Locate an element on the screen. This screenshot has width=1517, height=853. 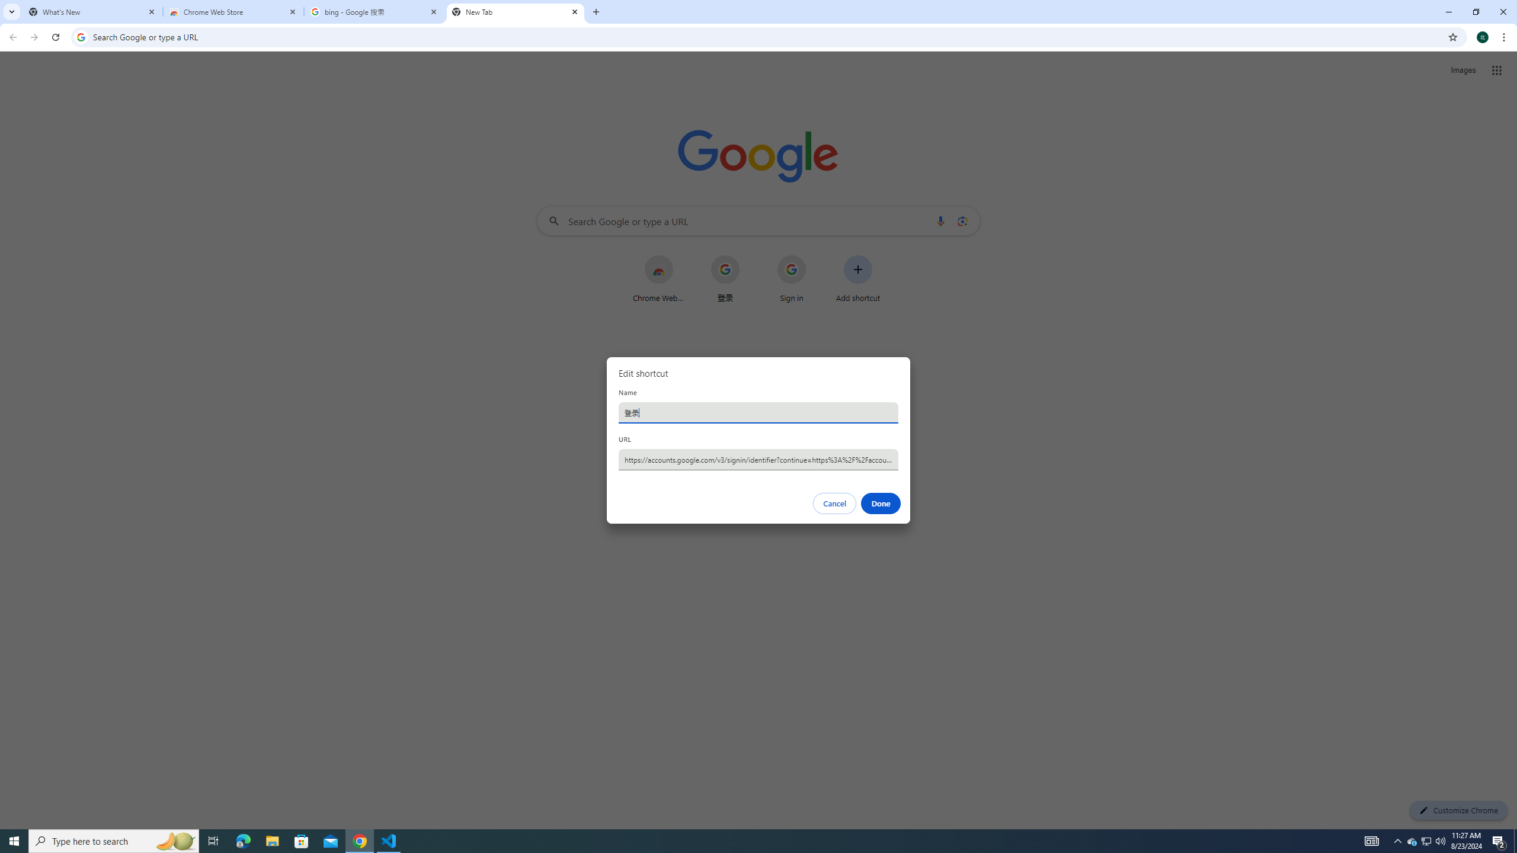
'Cancel' is located at coordinates (835, 504).